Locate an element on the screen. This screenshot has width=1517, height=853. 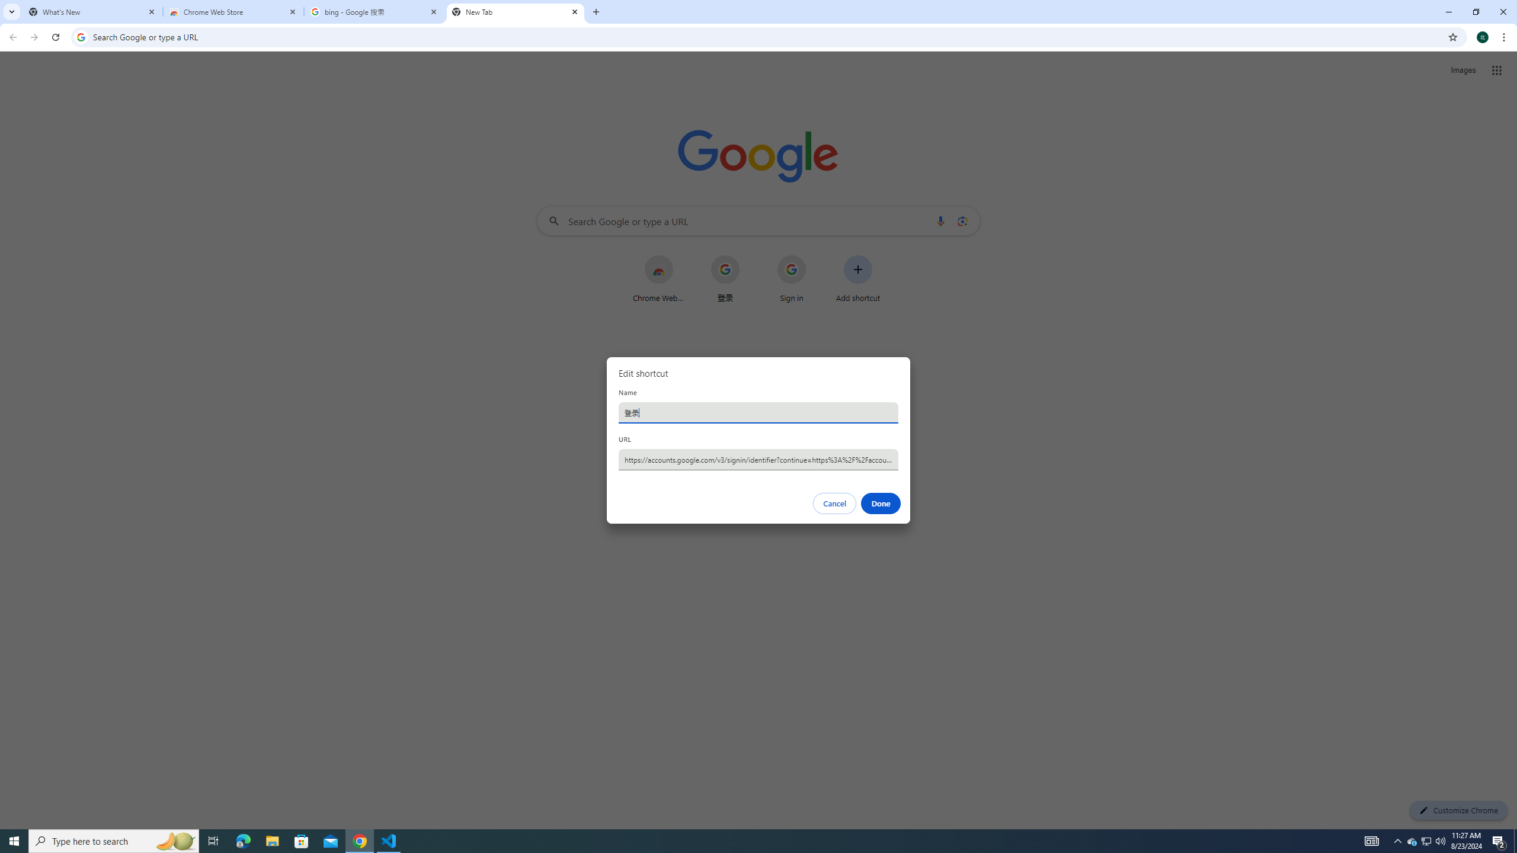
'Cancel' is located at coordinates (835, 504).